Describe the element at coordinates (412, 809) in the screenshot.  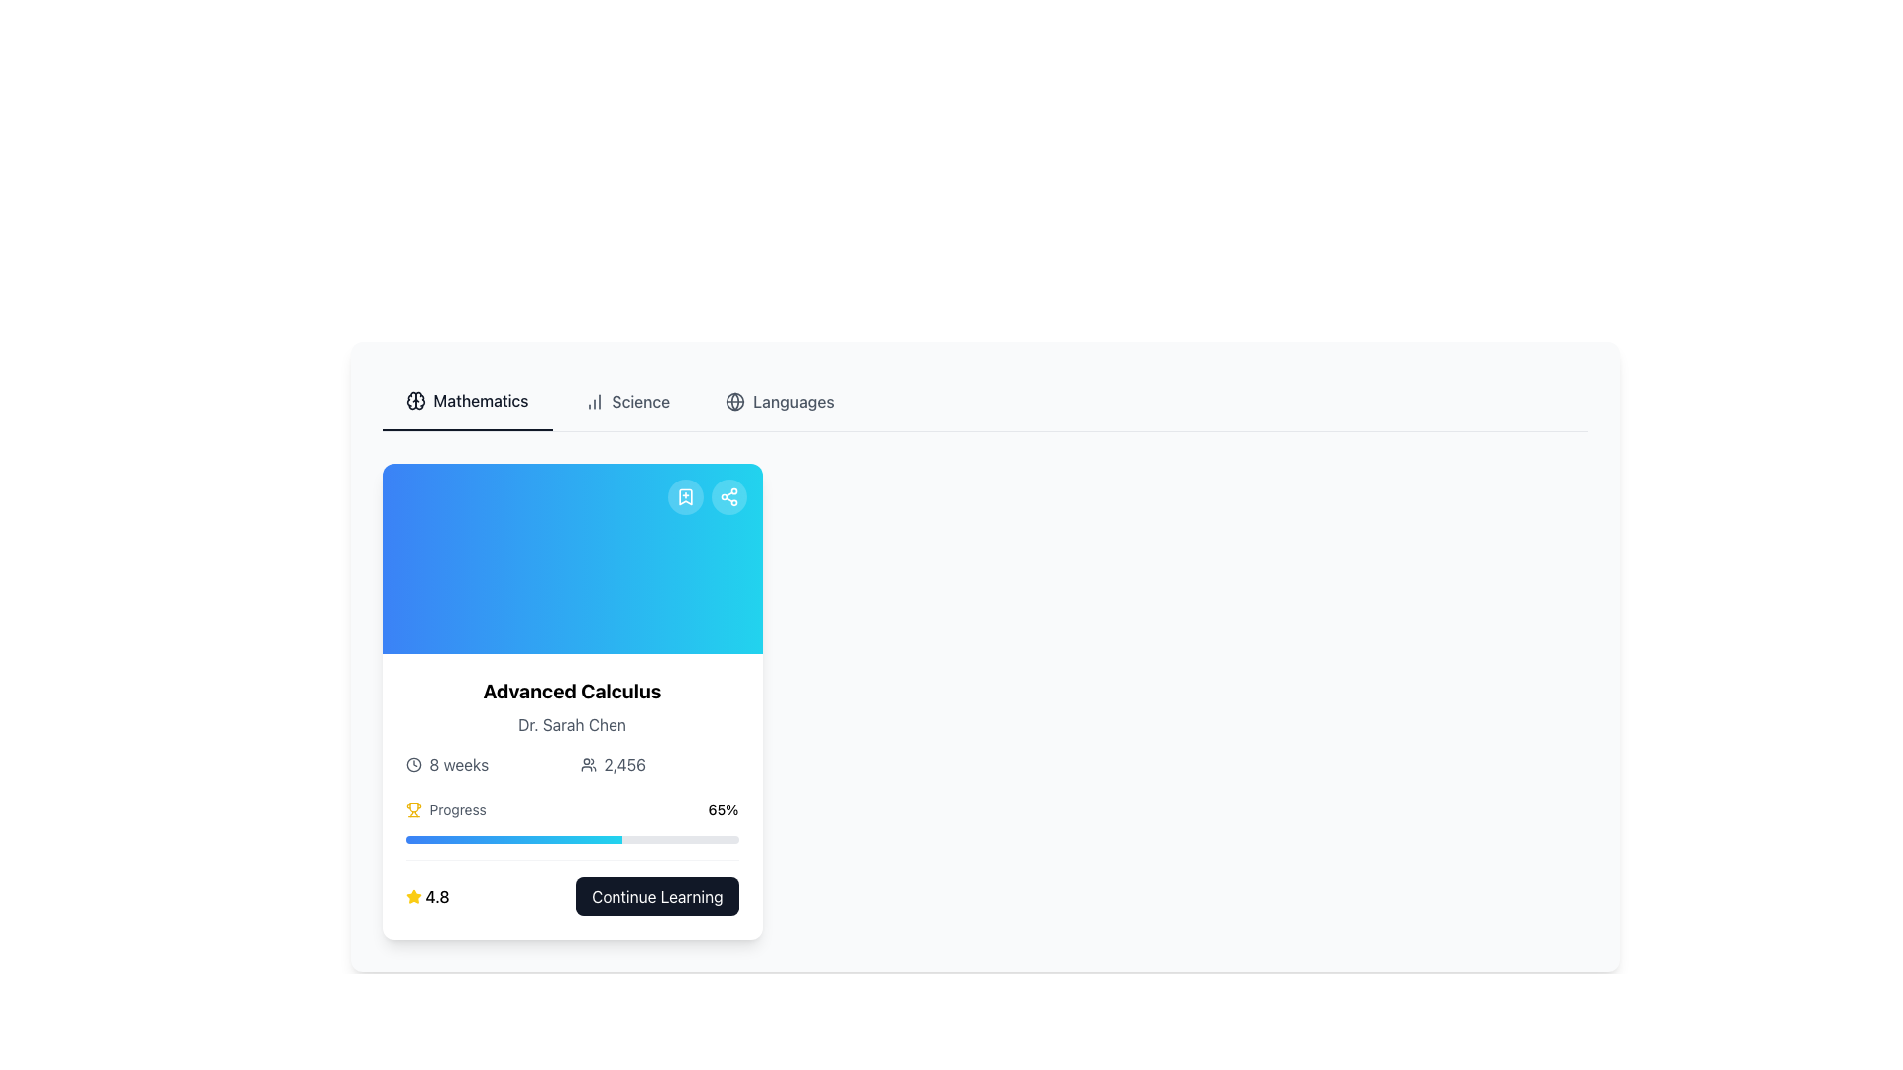
I see `the small yellow trophy icon that represents an achievement, located to the immediate left of the 'Progress' label in the course details card` at that location.